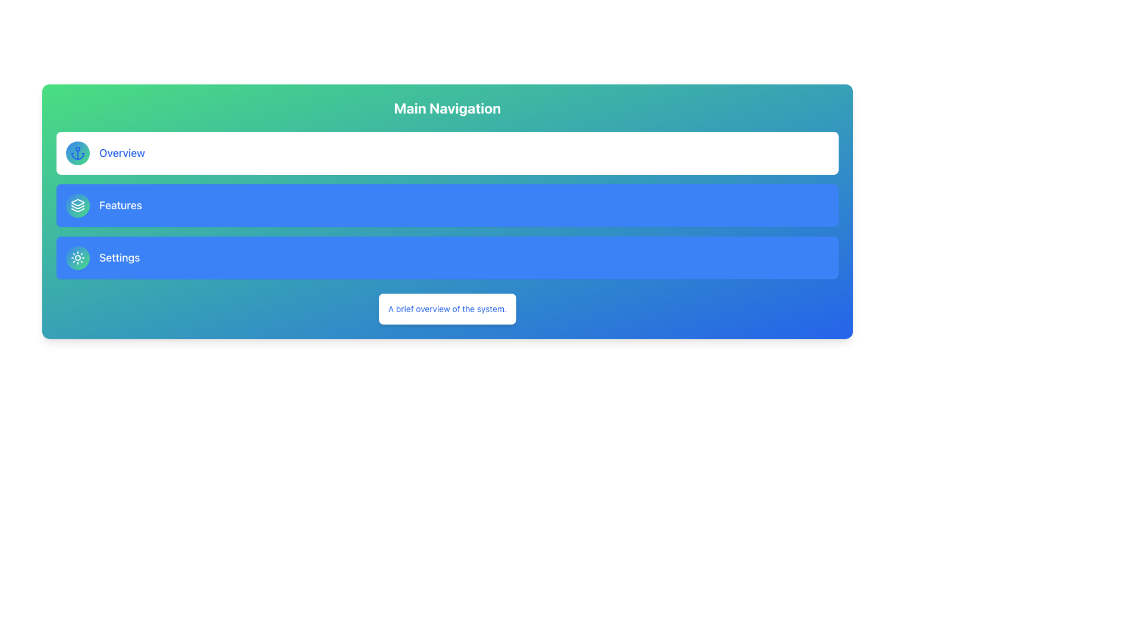 This screenshot has height=642, width=1142. What do you see at coordinates (77, 205) in the screenshot?
I see `the vector graphic icon with a white outline, located within the circular button to the left of the 'Features' label in the main navigation menu` at bounding box center [77, 205].